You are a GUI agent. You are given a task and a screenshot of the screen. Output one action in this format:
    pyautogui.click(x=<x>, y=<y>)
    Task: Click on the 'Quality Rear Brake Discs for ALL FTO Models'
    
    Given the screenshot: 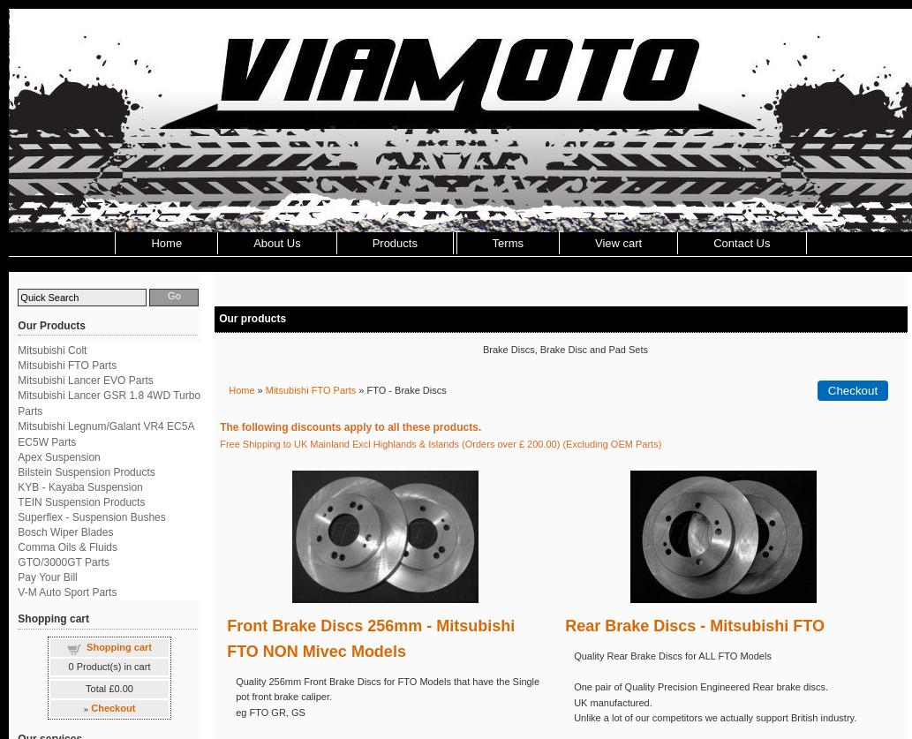 What is the action you would take?
    pyautogui.click(x=672, y=655)
    